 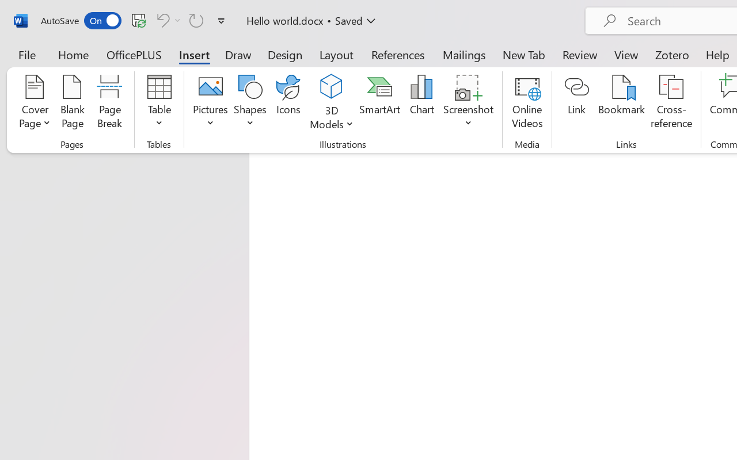 What do you see at coordinates (285, 54) in the screenshot?
I see `'Design'` at bounding box center [285, 54].